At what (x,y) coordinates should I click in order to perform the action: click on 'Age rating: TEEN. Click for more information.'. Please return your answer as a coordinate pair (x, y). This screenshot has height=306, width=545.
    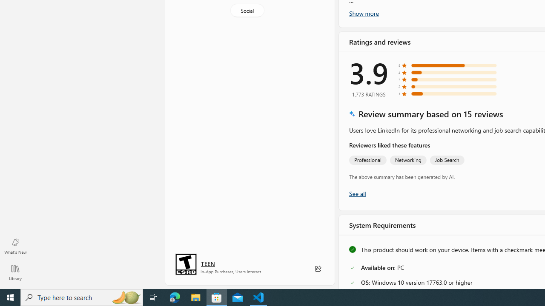
    Looking at the image, I should click on (208, 263).